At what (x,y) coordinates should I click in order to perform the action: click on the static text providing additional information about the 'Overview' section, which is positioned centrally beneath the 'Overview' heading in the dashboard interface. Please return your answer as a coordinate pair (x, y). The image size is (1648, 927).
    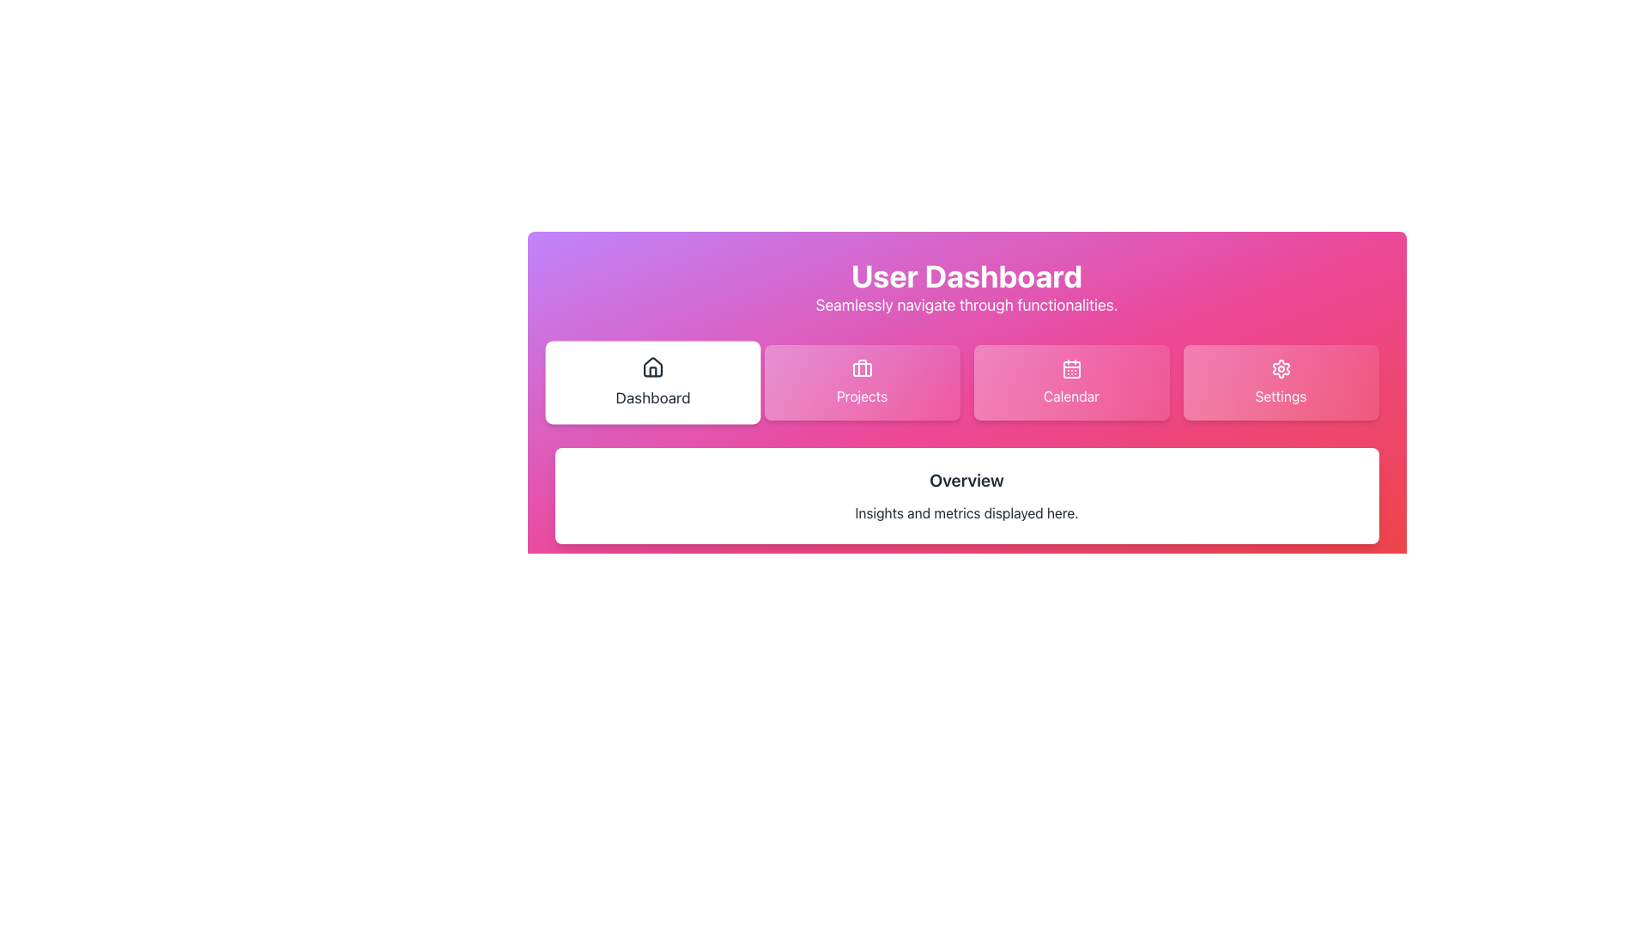
    Looking at the image, I should click on (966, 512).